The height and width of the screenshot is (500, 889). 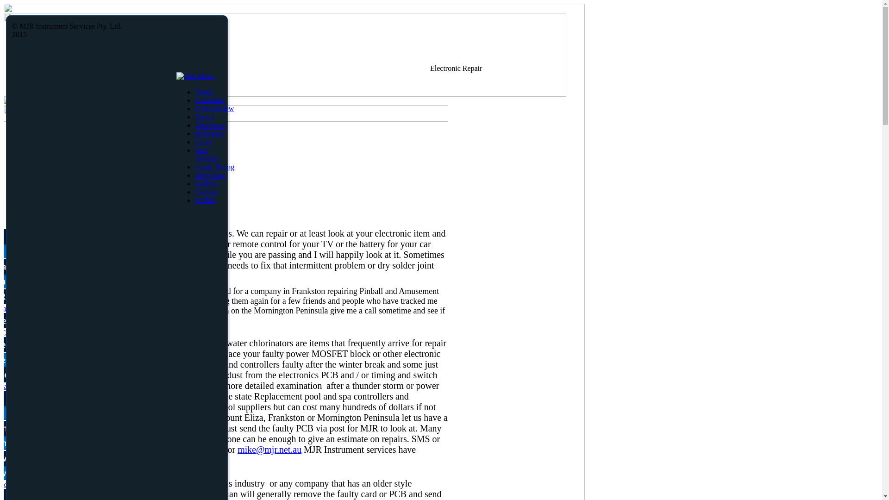 What do you see at coordinates (269, 449) in the screenshot?
I see `'mike@mjr.net.au'` at bounding box center [269, 449].